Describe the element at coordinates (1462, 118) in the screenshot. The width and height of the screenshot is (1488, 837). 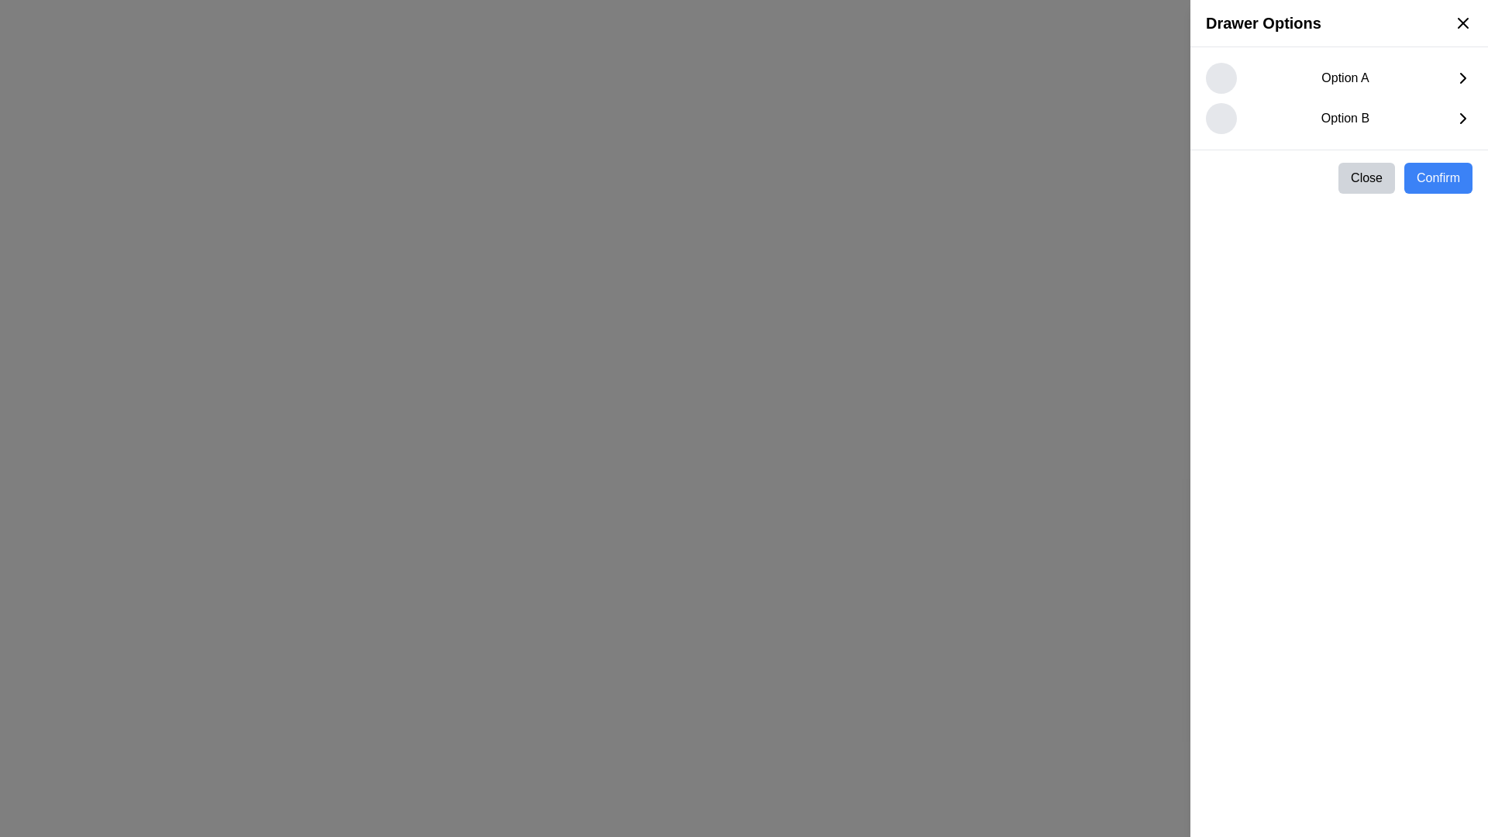
I see `the chevron icon located to the far right of the row displaying 'Option B', which is the third visual element in that row` at that location.